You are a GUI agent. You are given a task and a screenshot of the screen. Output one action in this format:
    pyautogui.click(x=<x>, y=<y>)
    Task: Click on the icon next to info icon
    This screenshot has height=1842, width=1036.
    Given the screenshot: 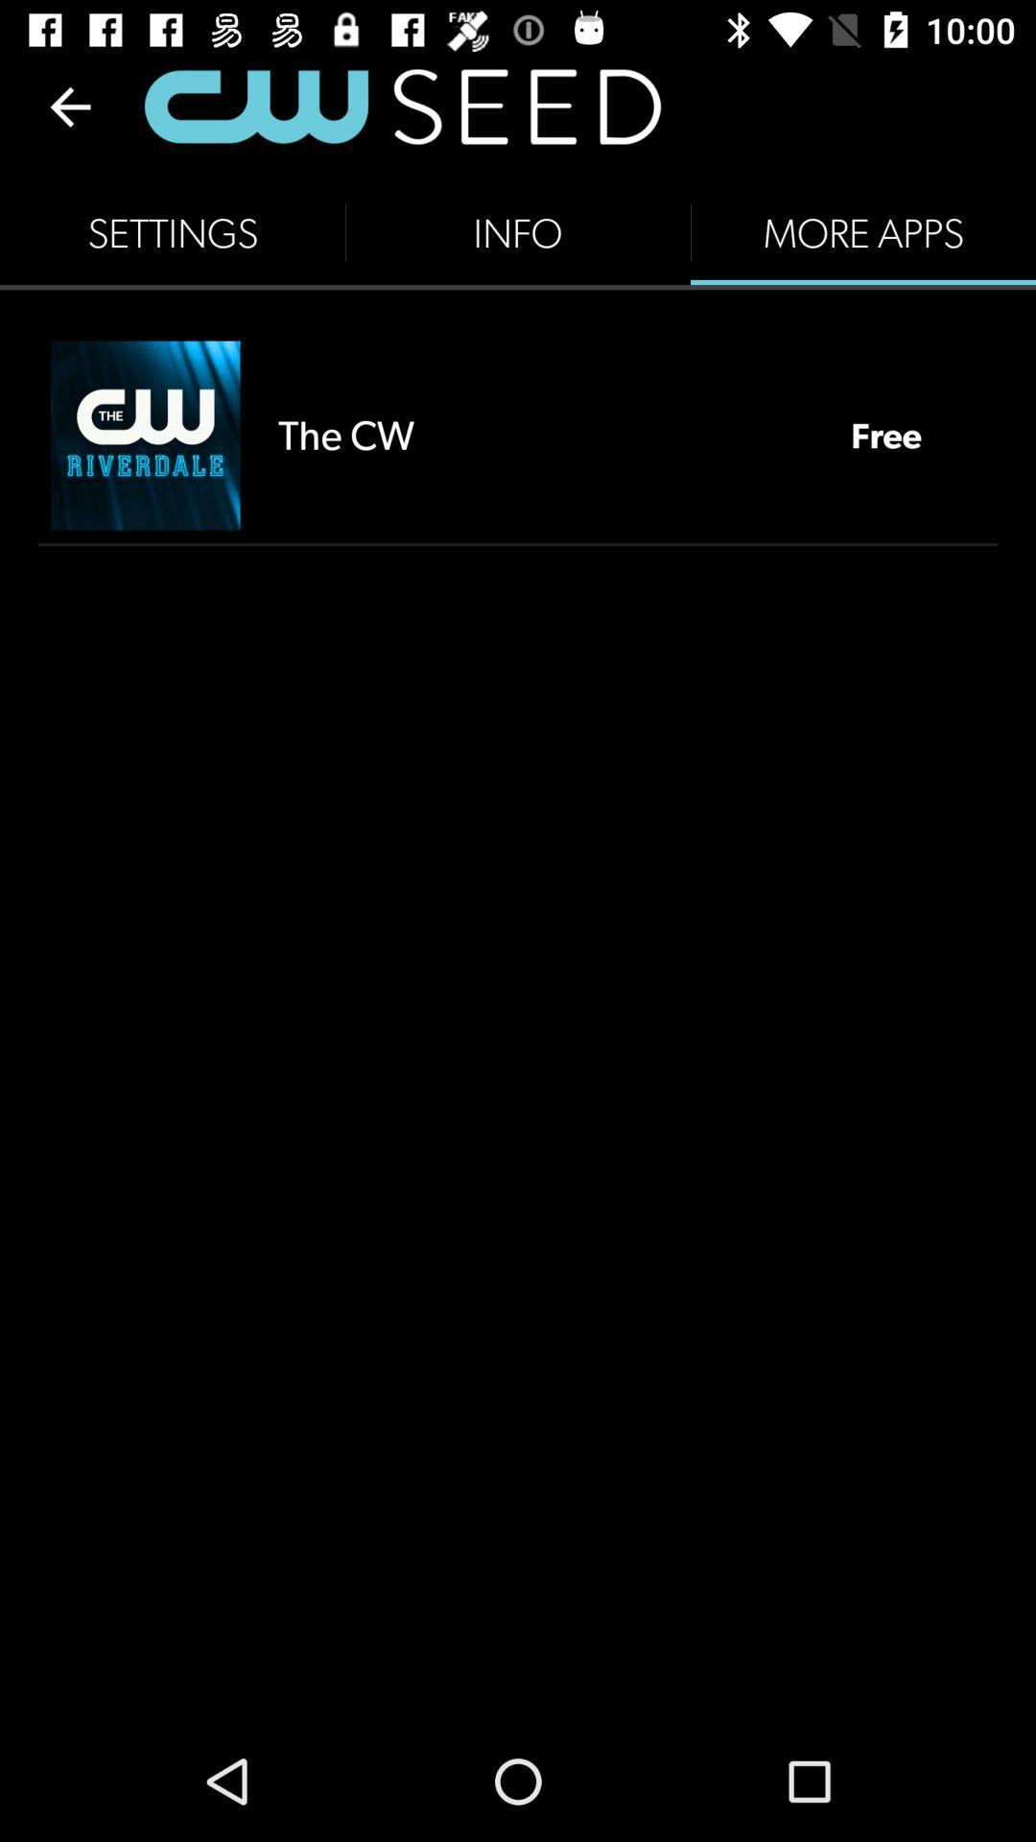 What is the action you would take?
    pyautogui.click(x=173, y=232)
    